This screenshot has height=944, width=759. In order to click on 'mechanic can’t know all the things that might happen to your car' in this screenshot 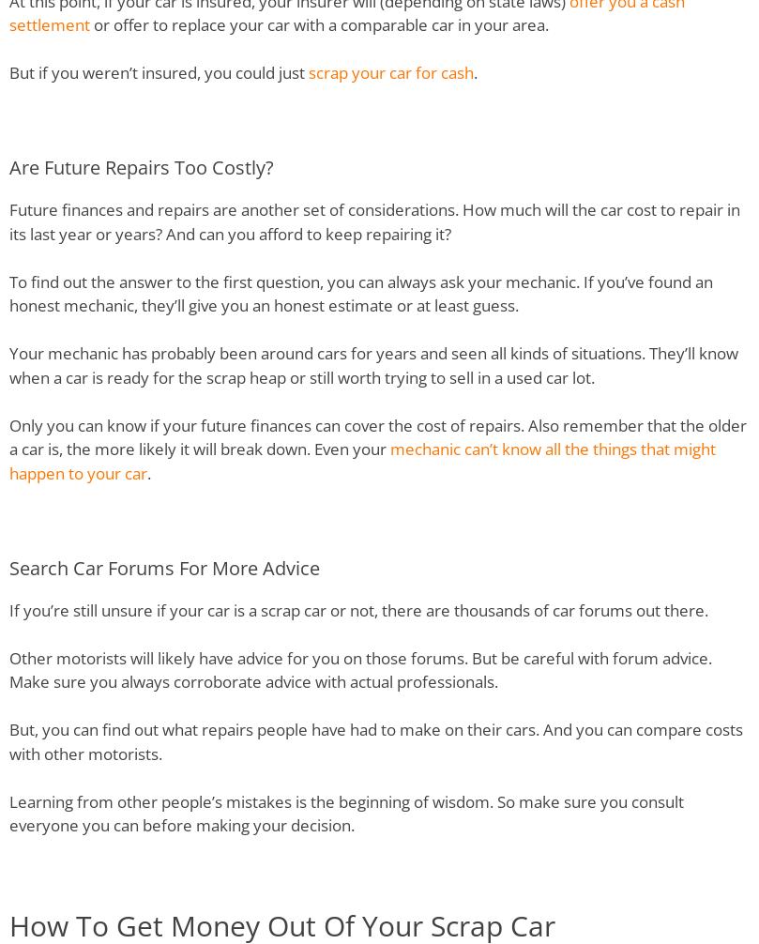, I will do `click(362, 460)`.